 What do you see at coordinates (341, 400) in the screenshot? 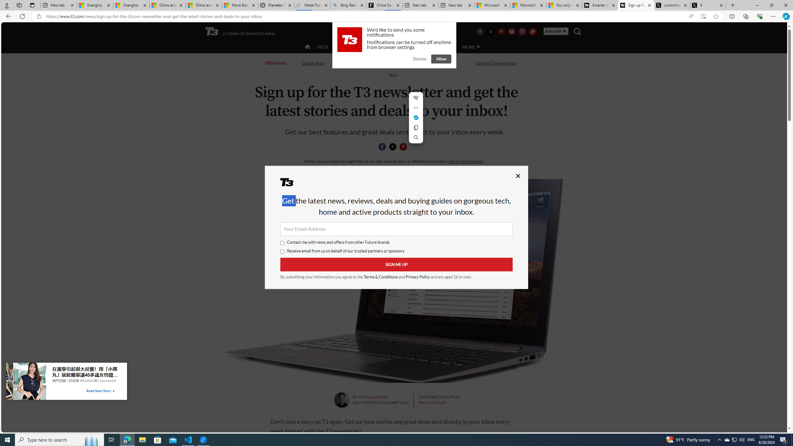
I see `'Mat Gallagher'` at bounding box center [341, 400].